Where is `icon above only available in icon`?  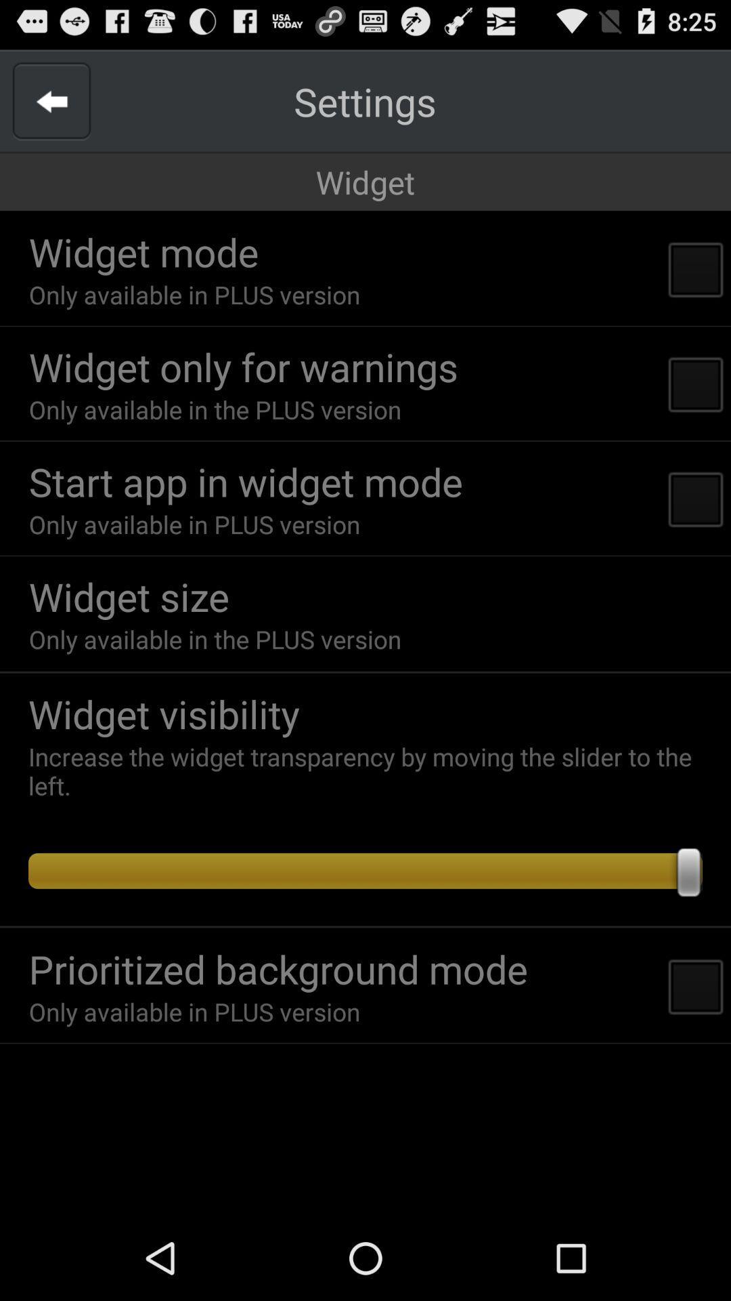
icon above only available in icon is located at coordinates (242, 367).